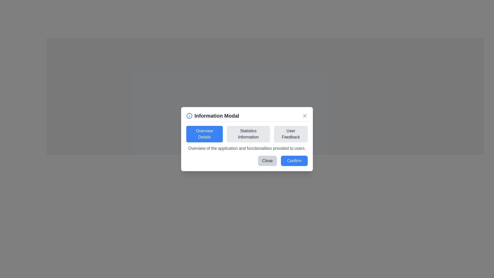 This screenshot has width=494, height=278. I want to click on the circle shape in the SVG graphic that is part of the information icon, located to the left of the title 'Information Modal' in the modal header, so click(189, 115).